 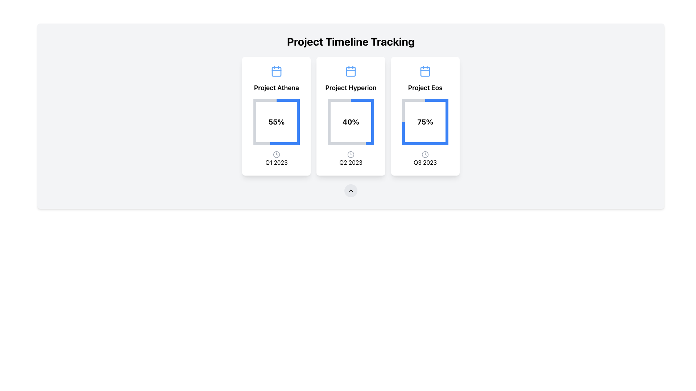 I want to click on the static text content displaying the completion percentage of the 'Project Athena' task, located in the center of the circular progress indicator within the middle card, so click(x=276, y=121).